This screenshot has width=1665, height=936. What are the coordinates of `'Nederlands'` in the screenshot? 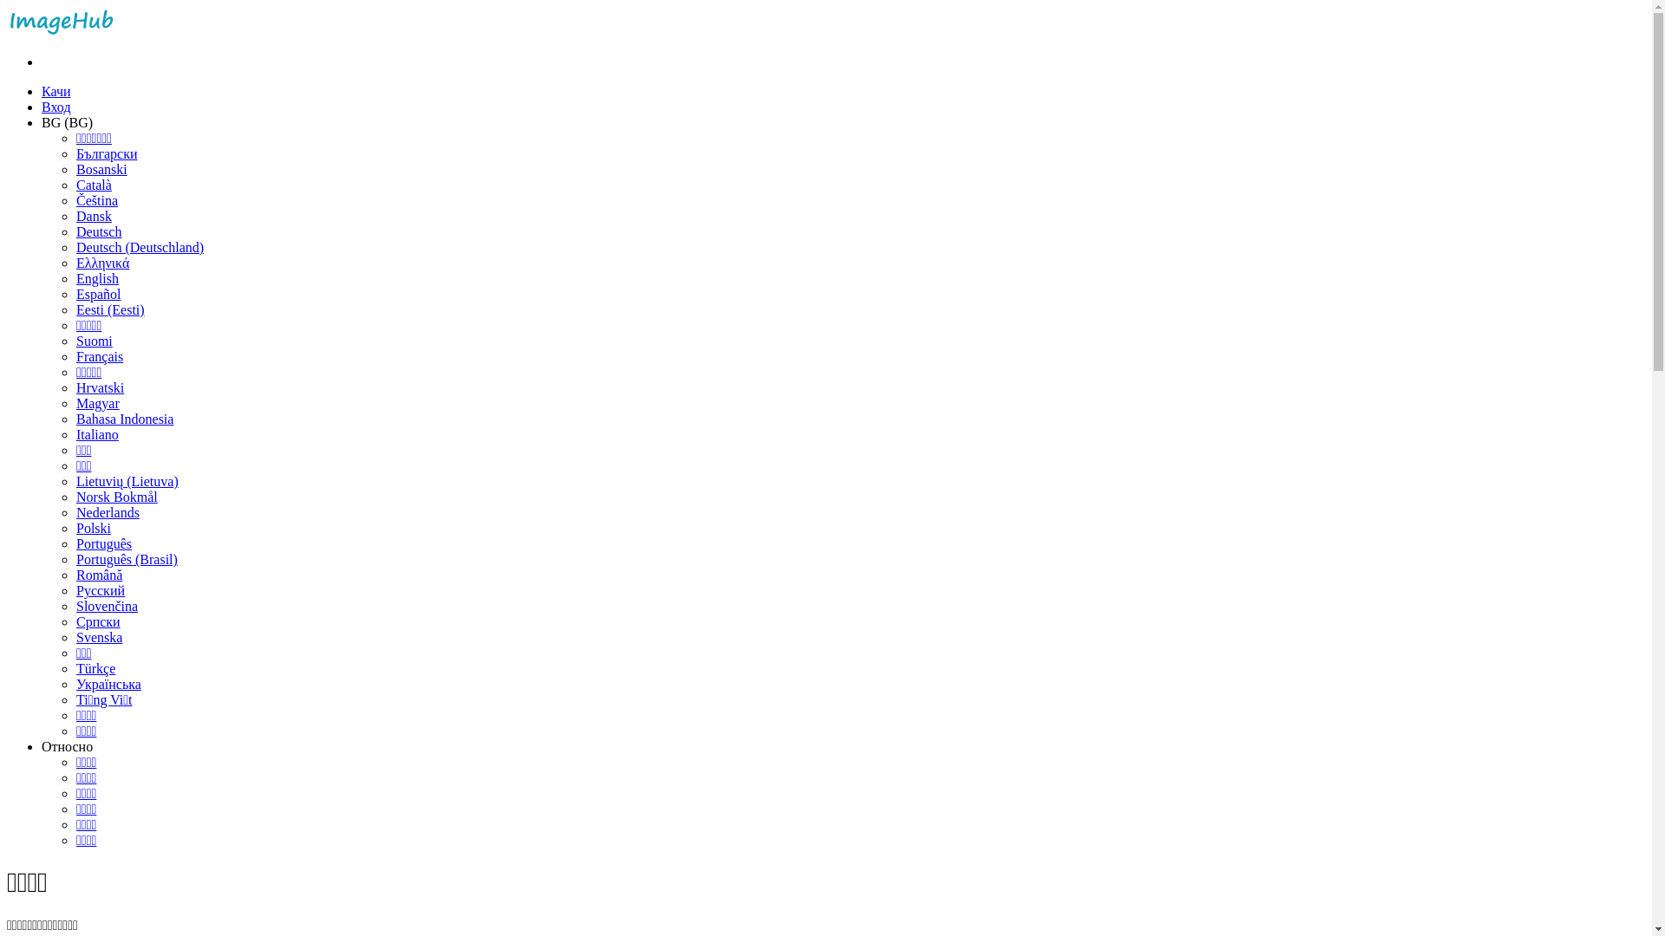 It's located at (107, 511).